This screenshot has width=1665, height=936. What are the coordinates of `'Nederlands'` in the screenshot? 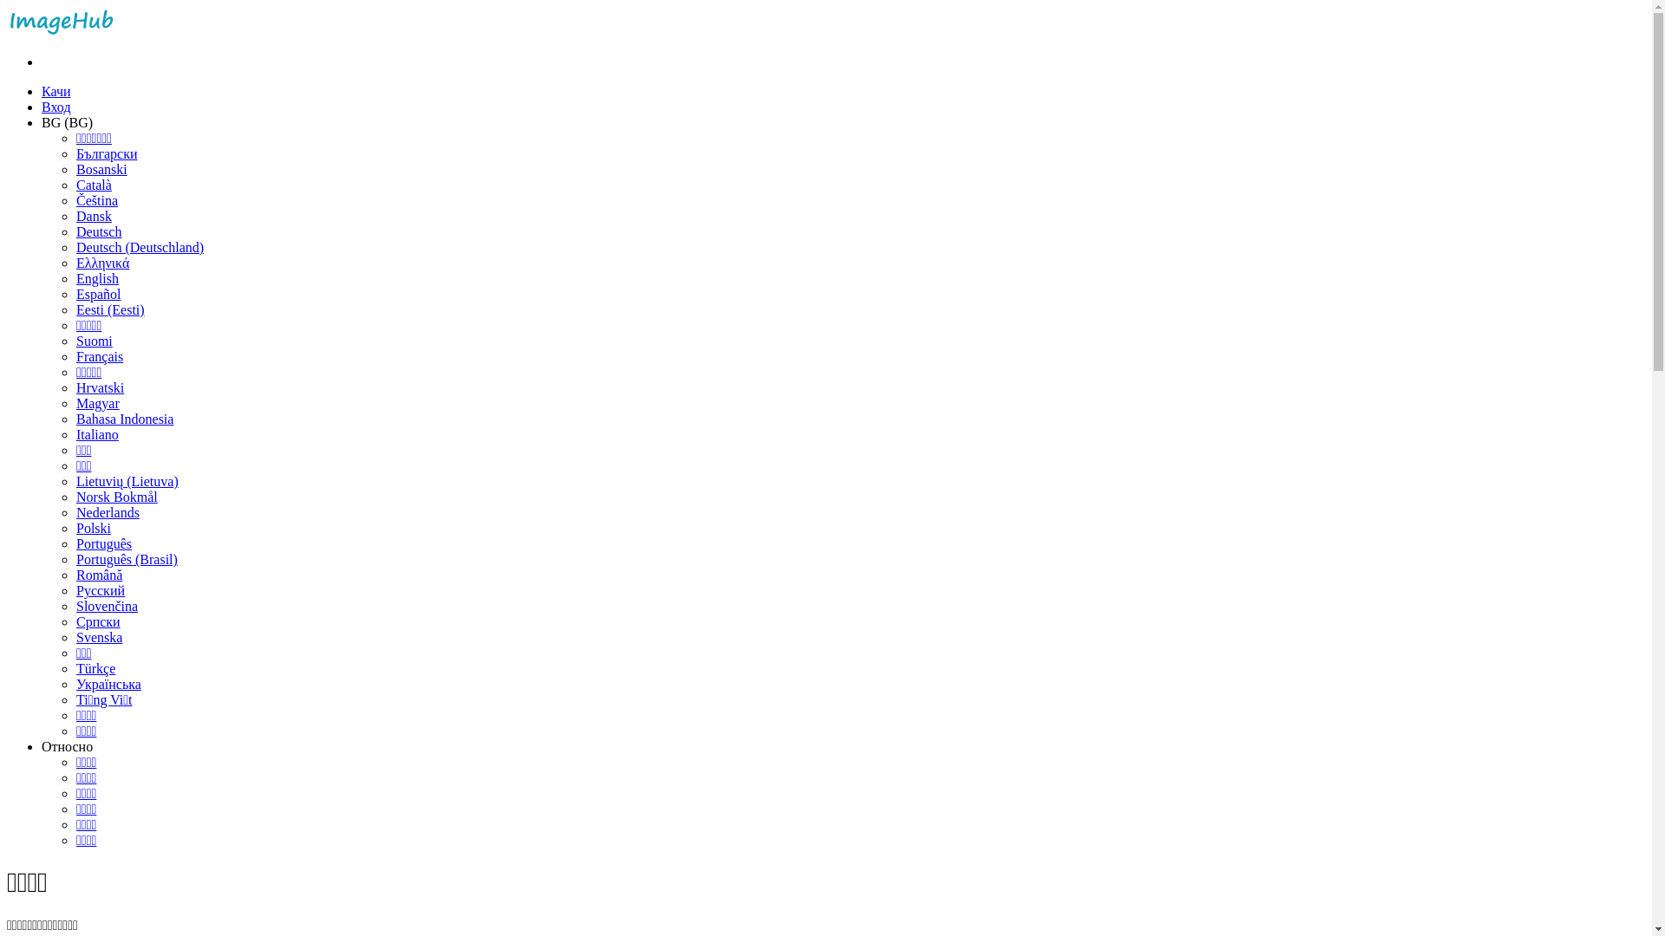 It's located at (107, 511).